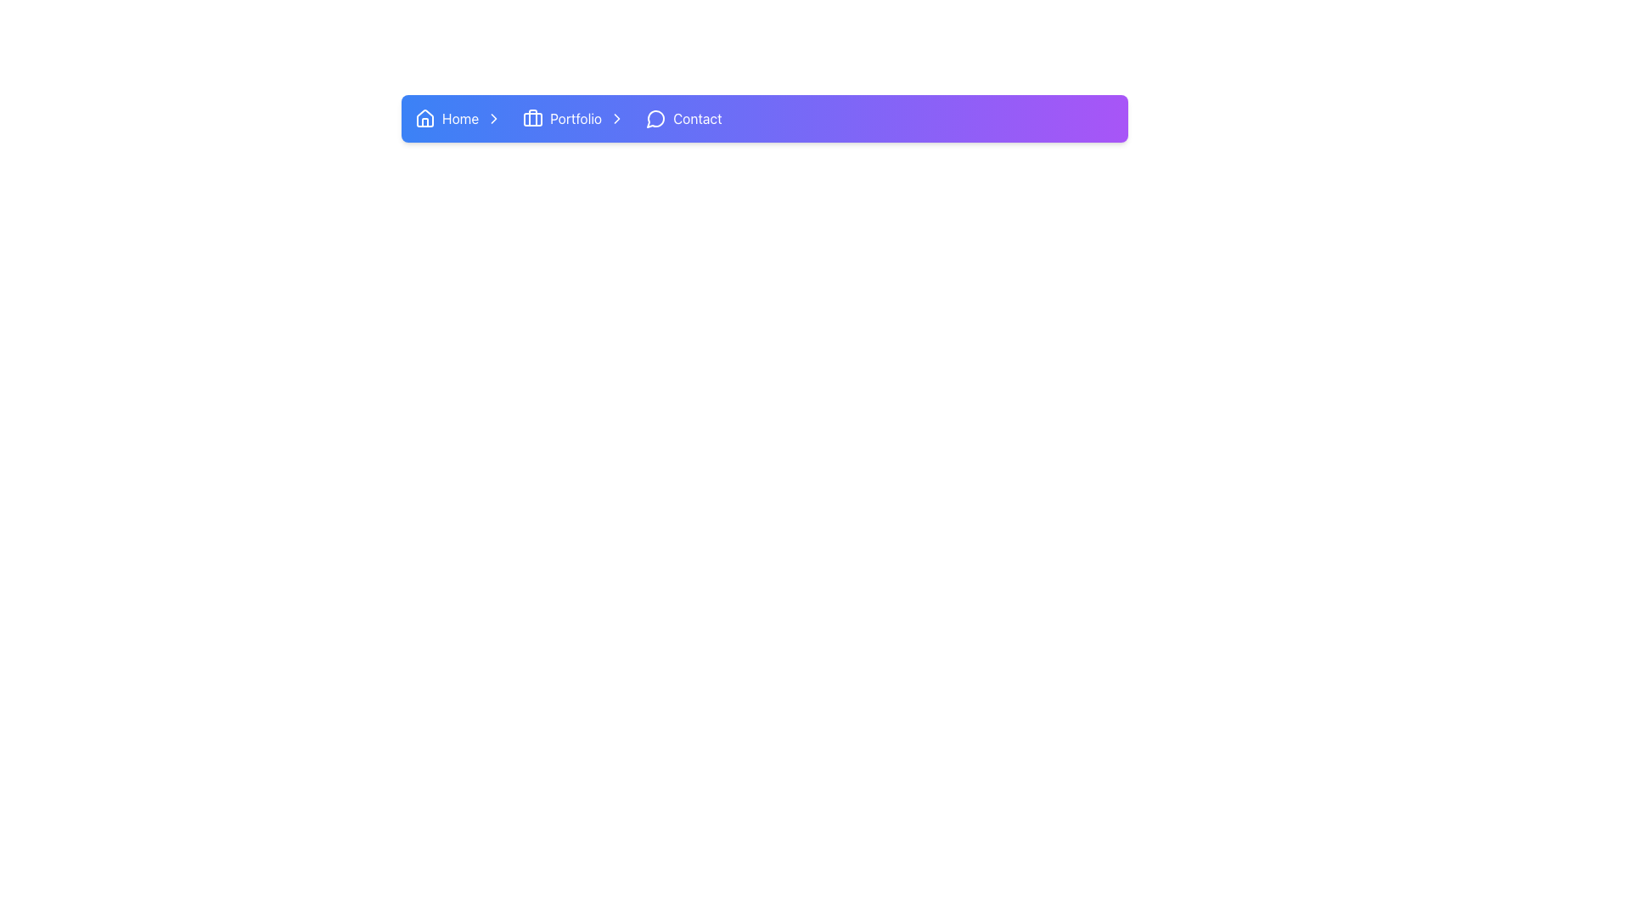 The height and width of the screenshot is (917, 1630). I want to click on the messaging icon located in the navigation bar, which is positioned to the left of the 'Contact' text, so click(655, 118).